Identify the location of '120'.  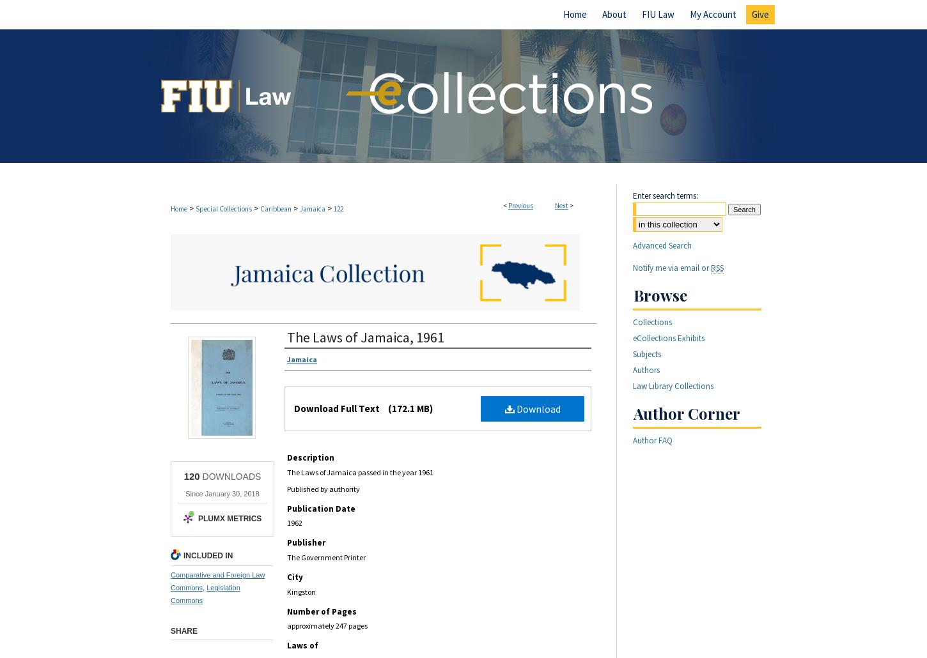
(191, 476).